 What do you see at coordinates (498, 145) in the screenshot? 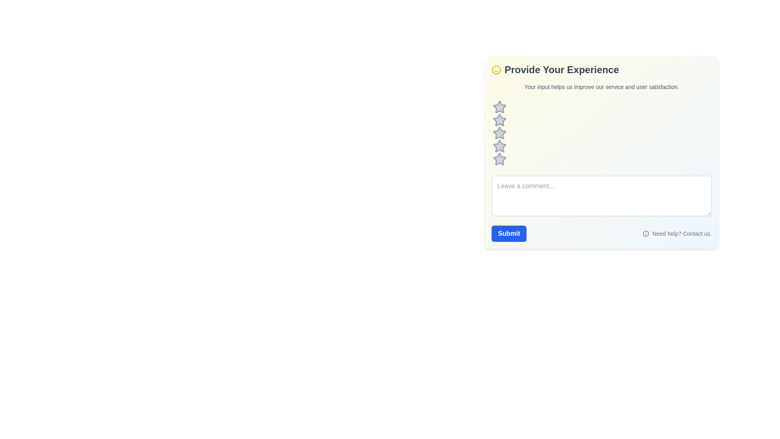
I see `the fourth star-shaped rating icon, which is filled with gray color and part of a vertical row used for rating` at bounding box center [498, 145].